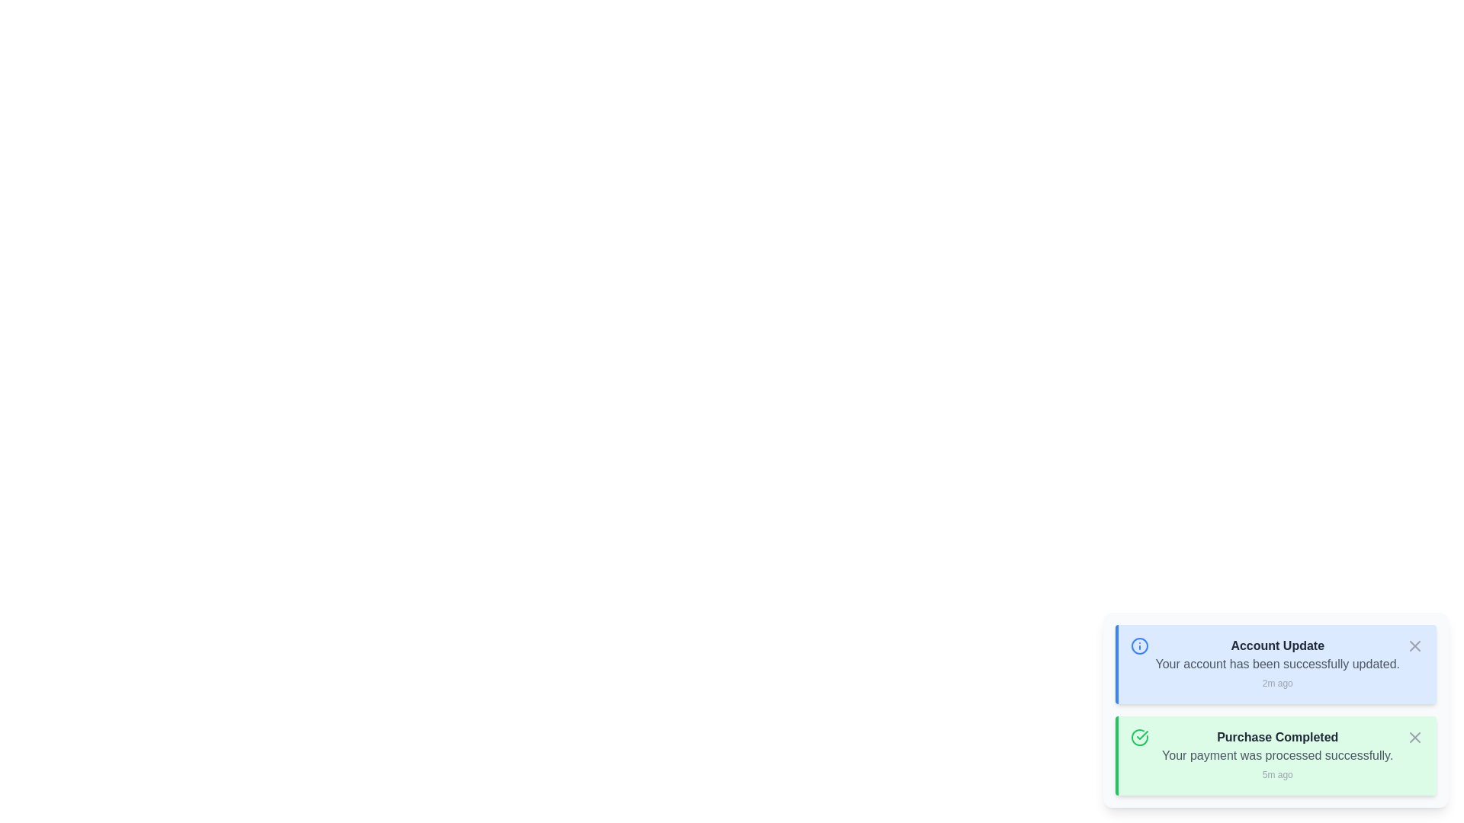 This screenshot has height=823, width=1464. I want to click on the dismiss button of the first notification to remove it, so click(1414, 646).